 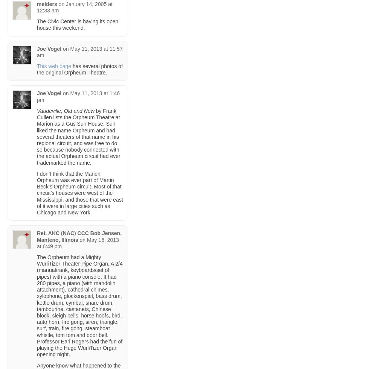 What do you see at coordinates (77, 24) in the screenshot?
I see `'The Civic Center is having its open house this weekend.'` at bounding box center [77, 24].